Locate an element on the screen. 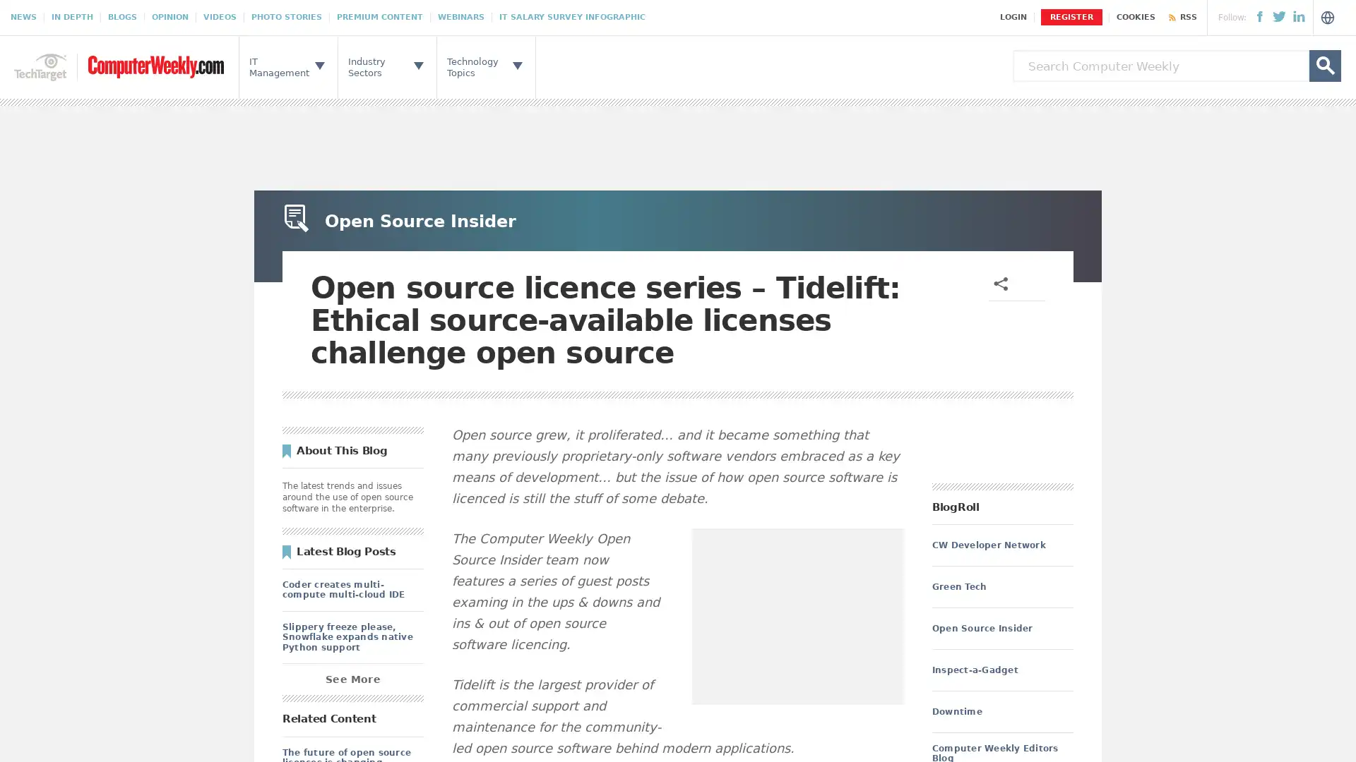 The height and width of the screenshot is (762, 1356). Search is located at coordinates (1324, 66).